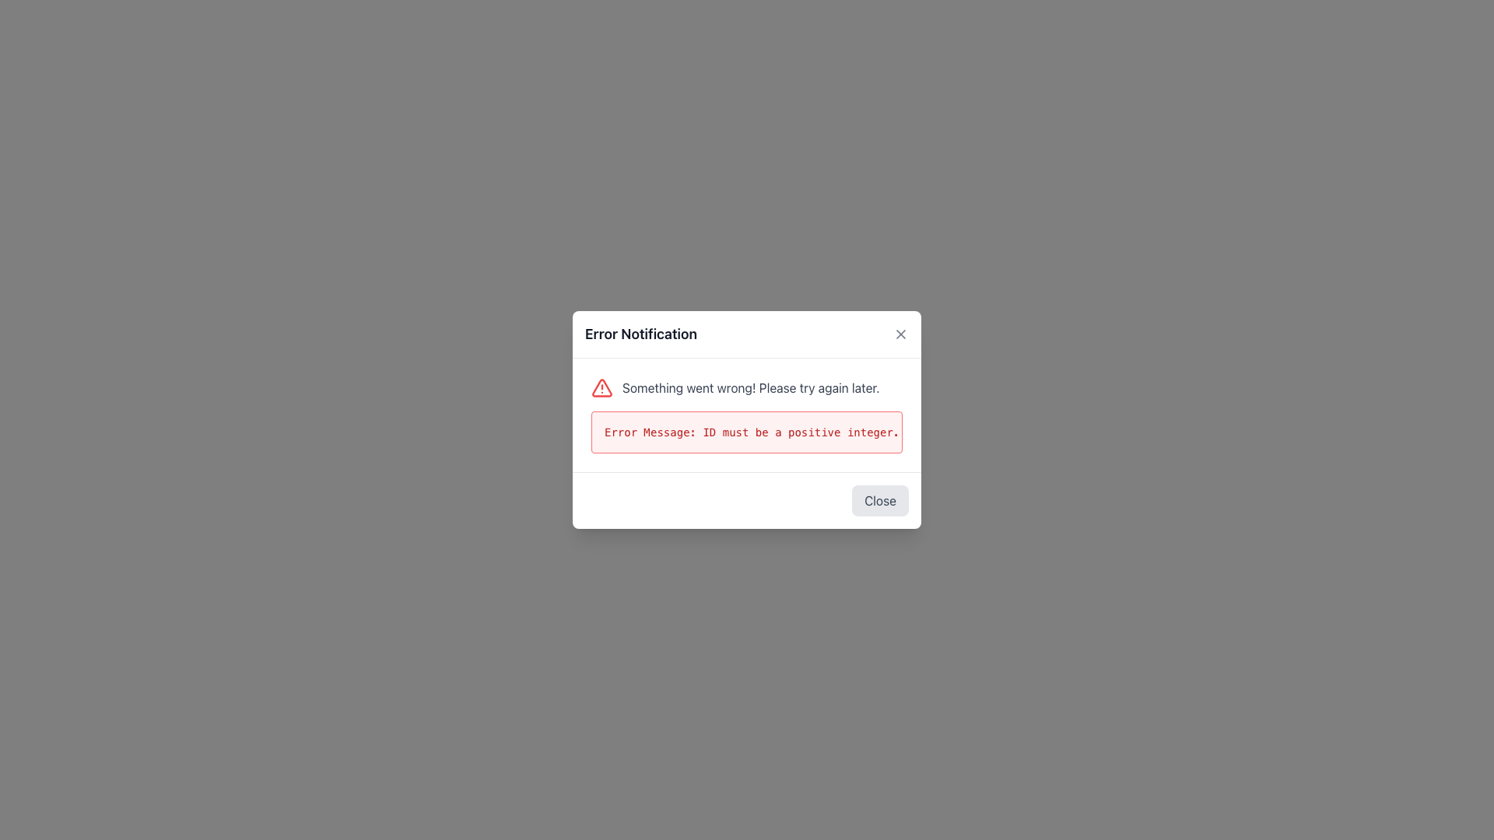 Image resolution: width=1494 pixels, height=840 pixels. Describe the element at coordinates (641, 333) in the screenshot. I see `the Text Label that serves as the title for the notification modal, located at the top-left of the modal, adjacent to the 'close' button` at that location.